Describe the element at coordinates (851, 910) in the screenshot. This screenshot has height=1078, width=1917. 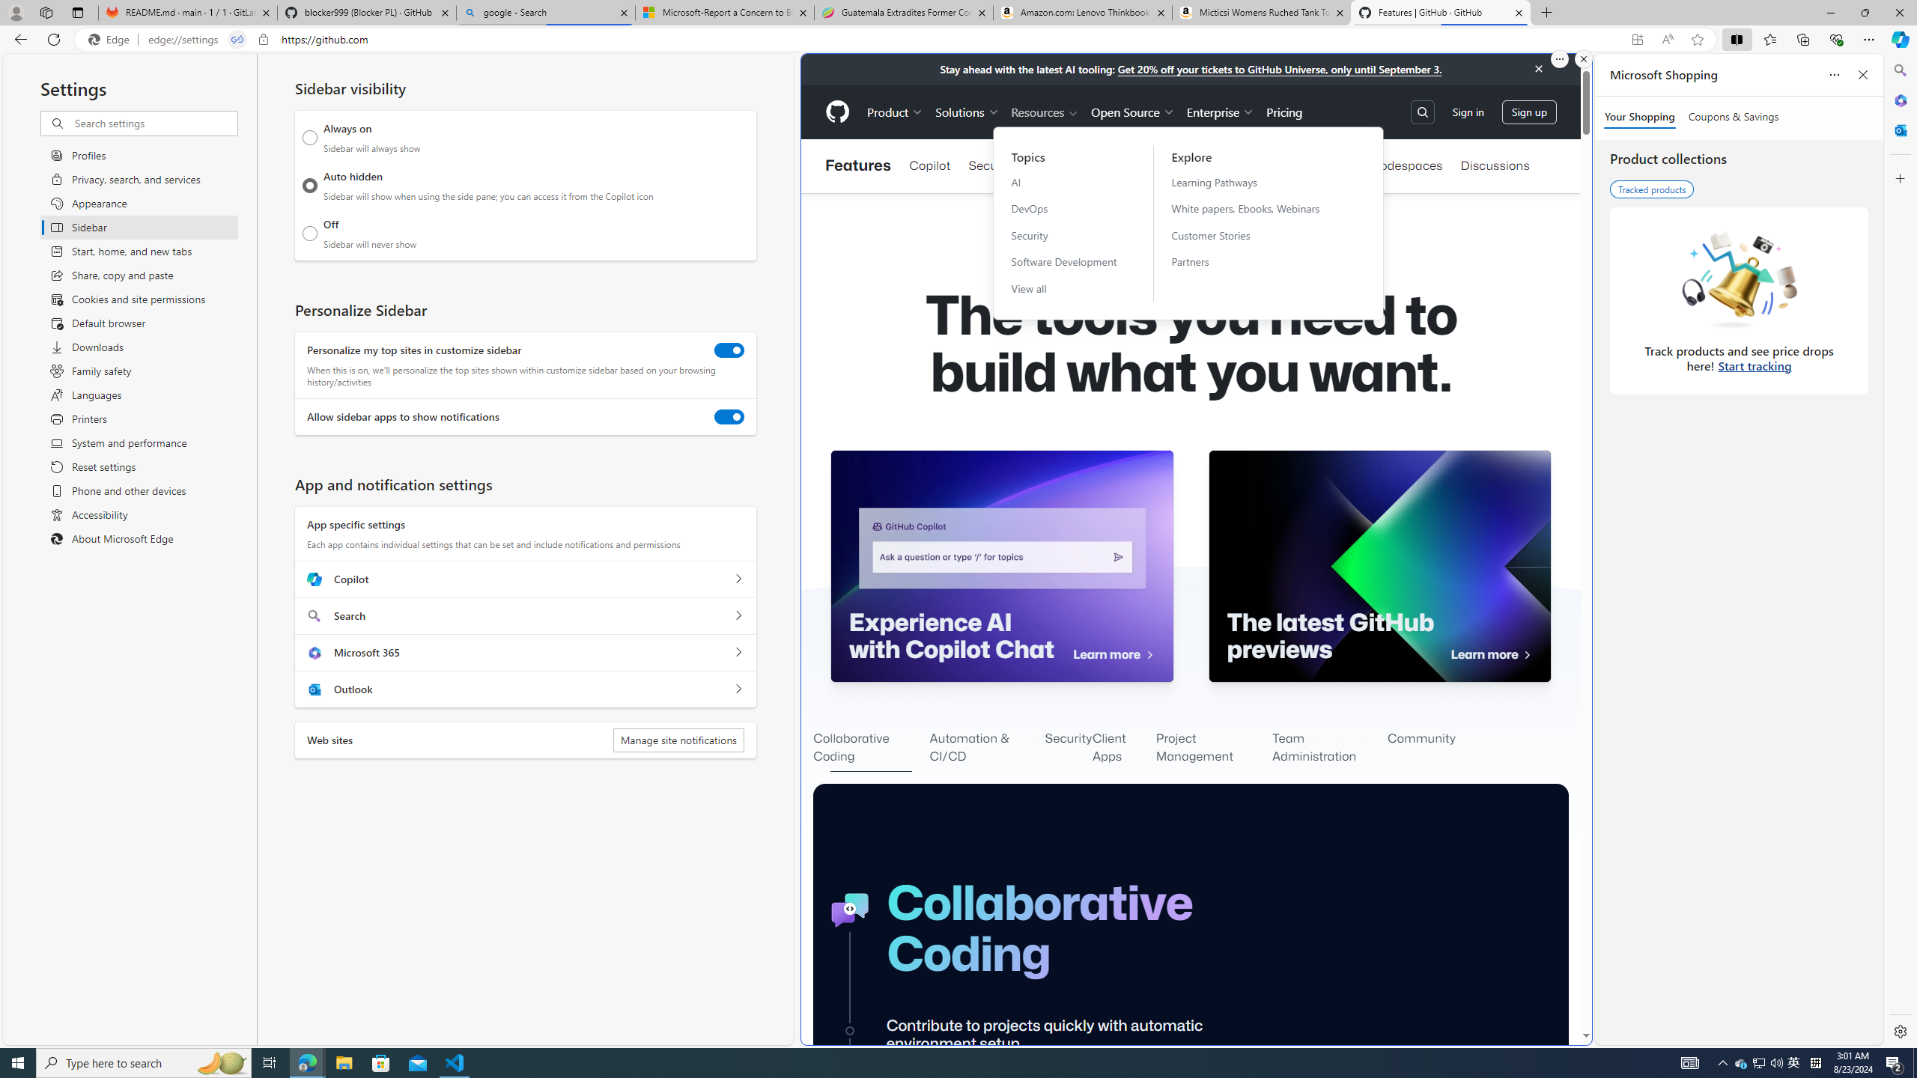
I see `'GitHub Collaboration Icon'` at that location.